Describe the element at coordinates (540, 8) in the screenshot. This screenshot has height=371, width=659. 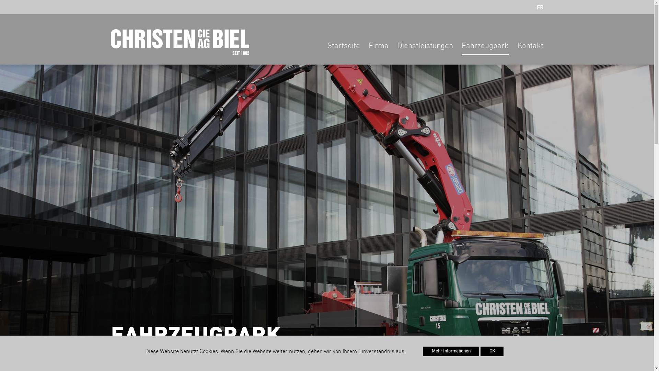
I see `'FR'` at that location.